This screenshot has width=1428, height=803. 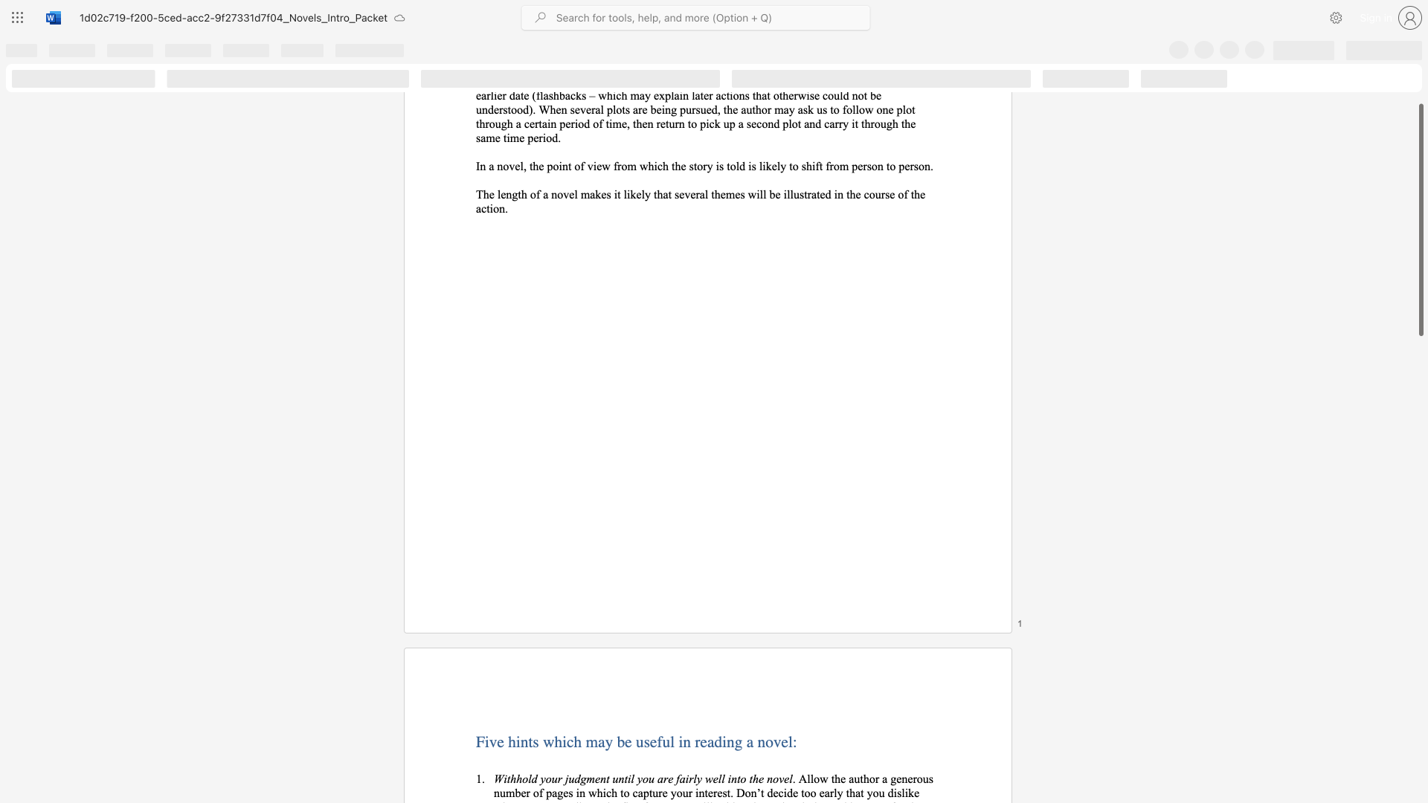 What do you see at coordinates (1420, 220) in the screenshot?
I see `the scrollbar and move up 220 pixels` at bounding box center [1420, 220].